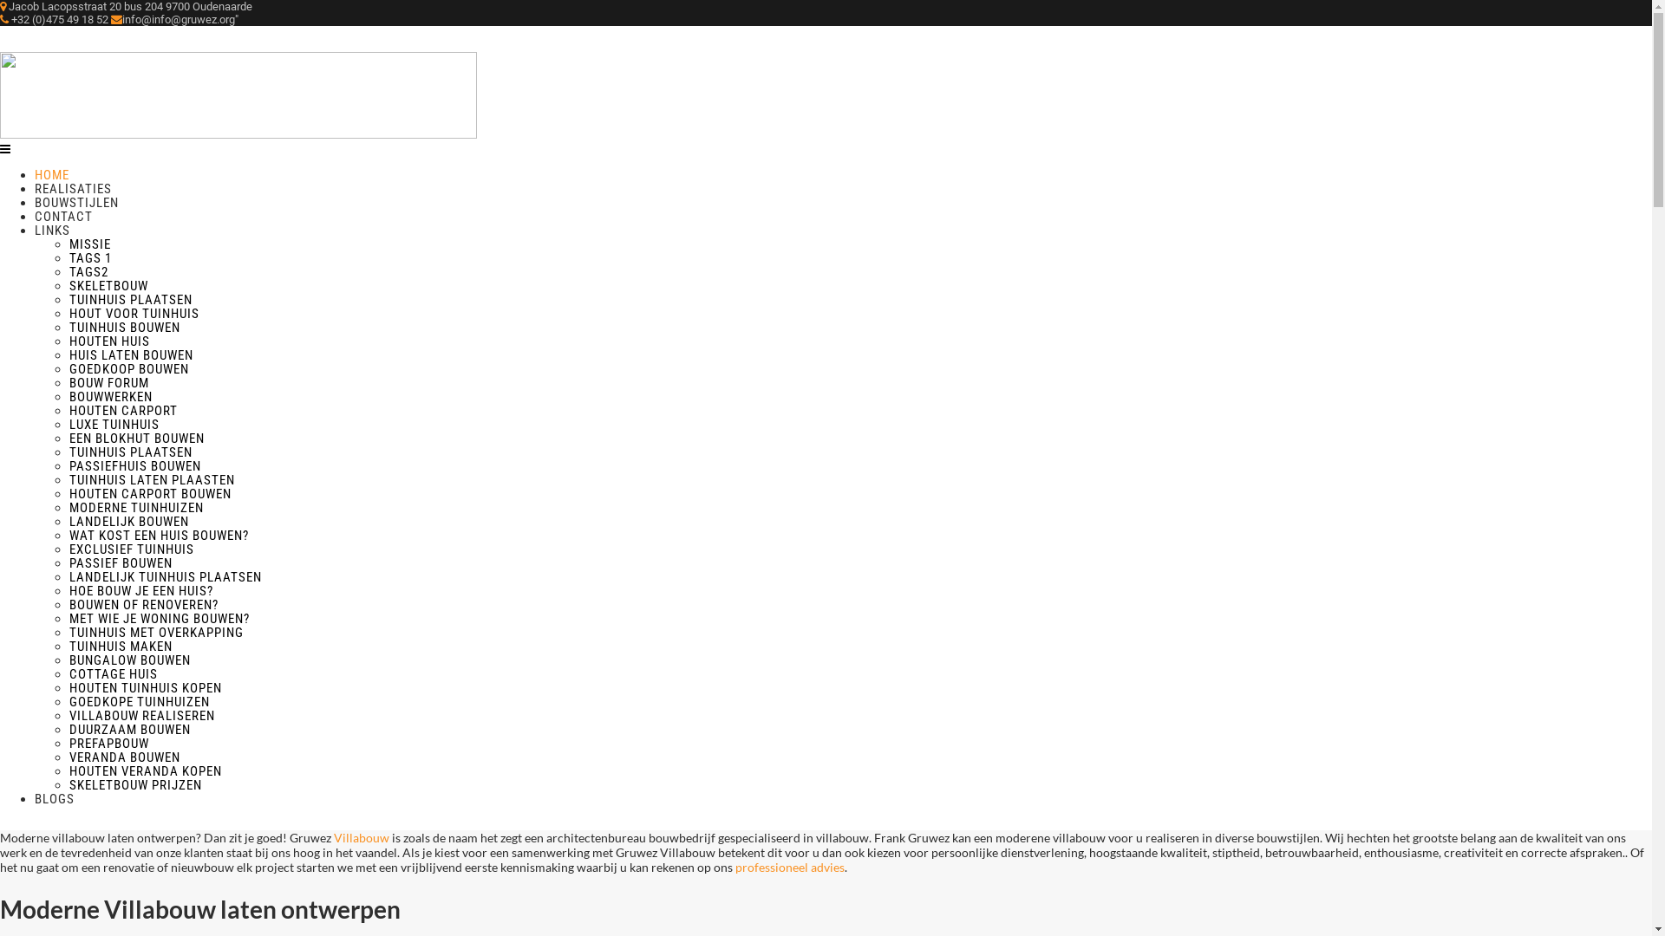 Image resolution: width=1665 pixels, height=936 pixels. Describe the element at coordinates (108, 382) in the screenshot. I see `'BOUW FORUM'` at that location.